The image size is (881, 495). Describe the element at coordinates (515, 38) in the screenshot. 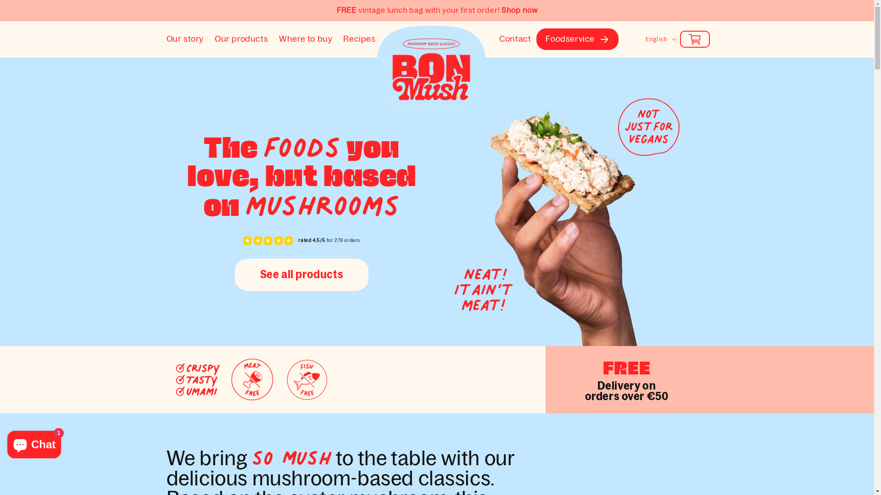

I see `'Contact'` at that location.